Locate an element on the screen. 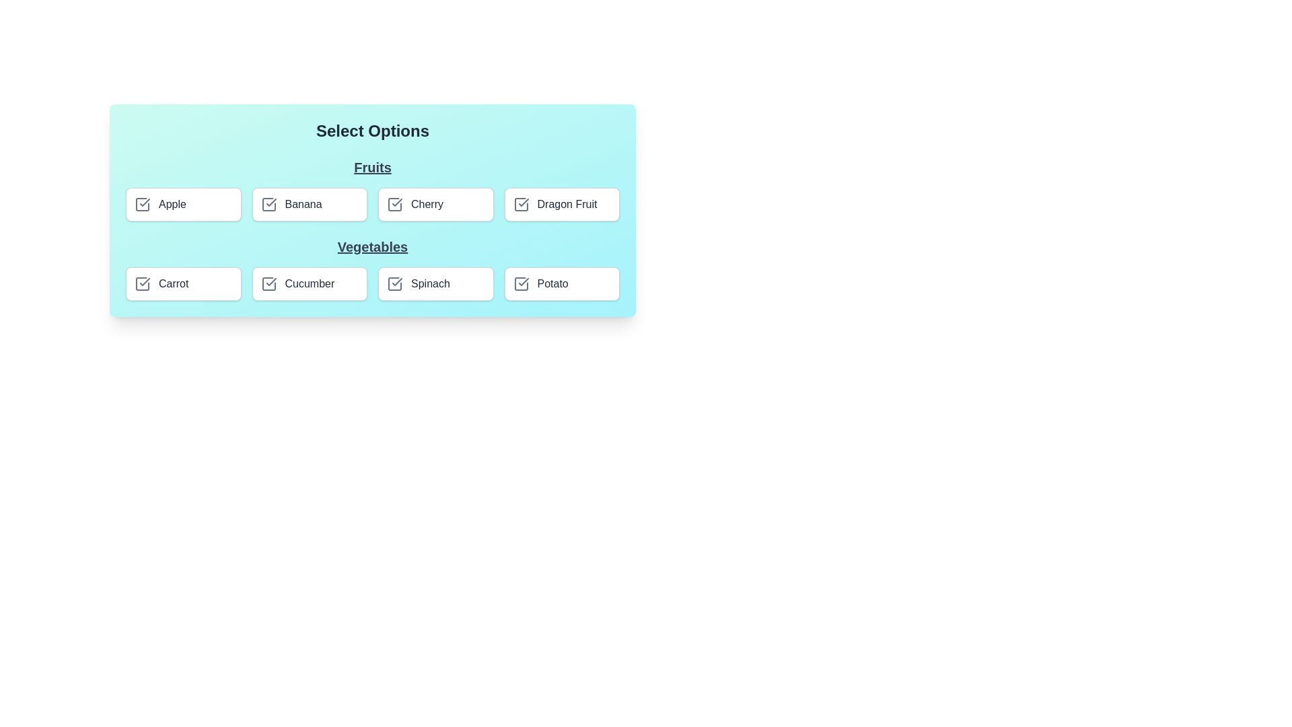  the text label 'Cherry' displayed in bold font and medium gray color, located within the third box of the 'Fruits' category is located at coordinates (426, 205).